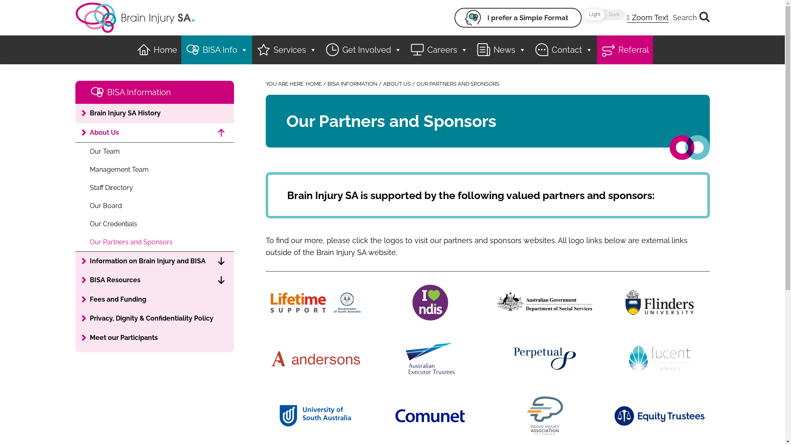 This screenshot has width=791, height=445. What do you see at coordinates (217, 49) in the screenshot?
I see `'BISA Info'` at bounding box center [217, 49].